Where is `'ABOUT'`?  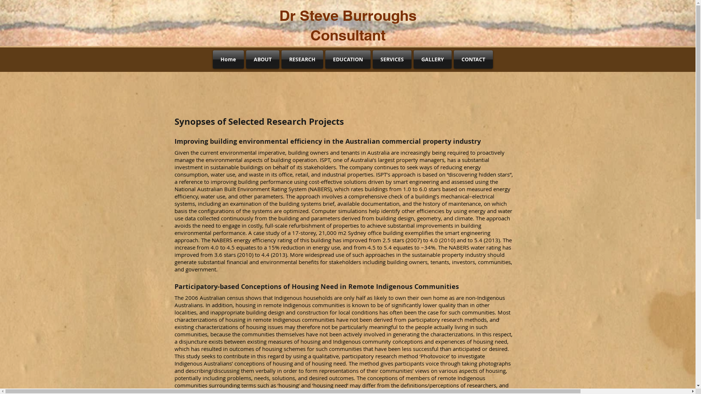 'ABOUT' is located at coordinates (262, 59).